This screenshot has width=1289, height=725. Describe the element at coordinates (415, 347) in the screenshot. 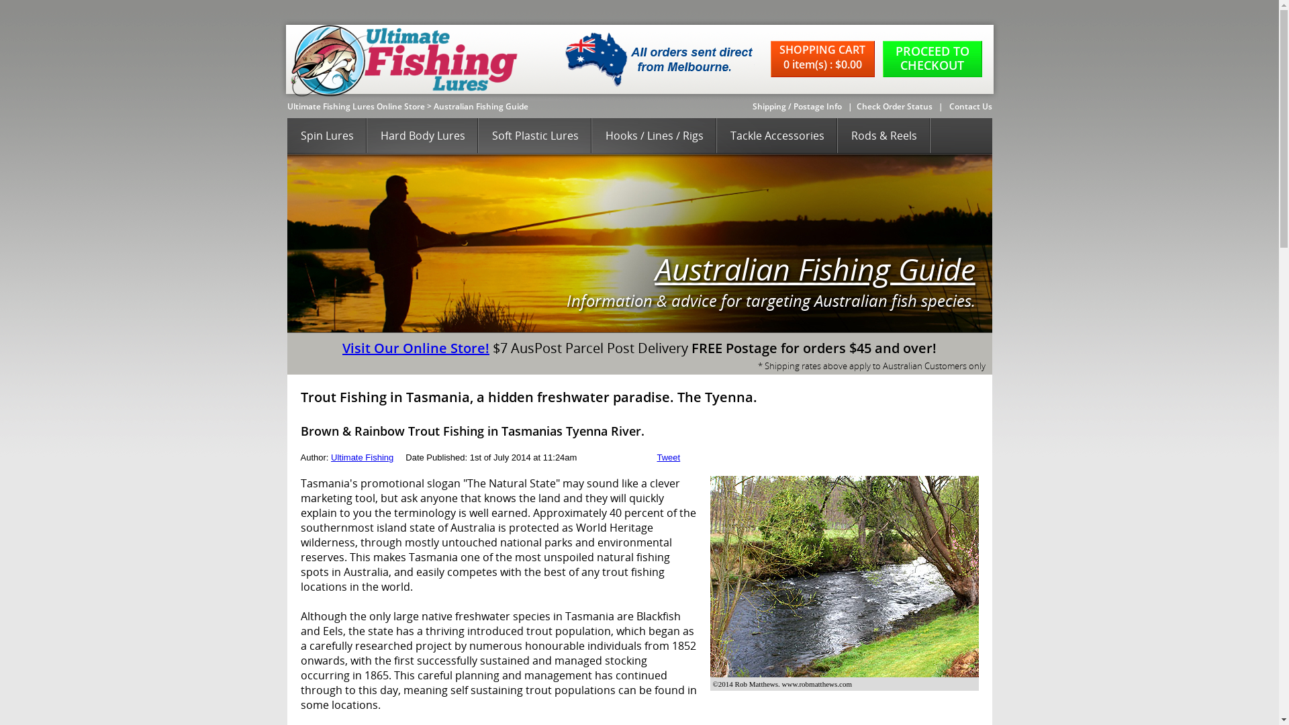

I see `'Visit Our Online Store!'` at that location.